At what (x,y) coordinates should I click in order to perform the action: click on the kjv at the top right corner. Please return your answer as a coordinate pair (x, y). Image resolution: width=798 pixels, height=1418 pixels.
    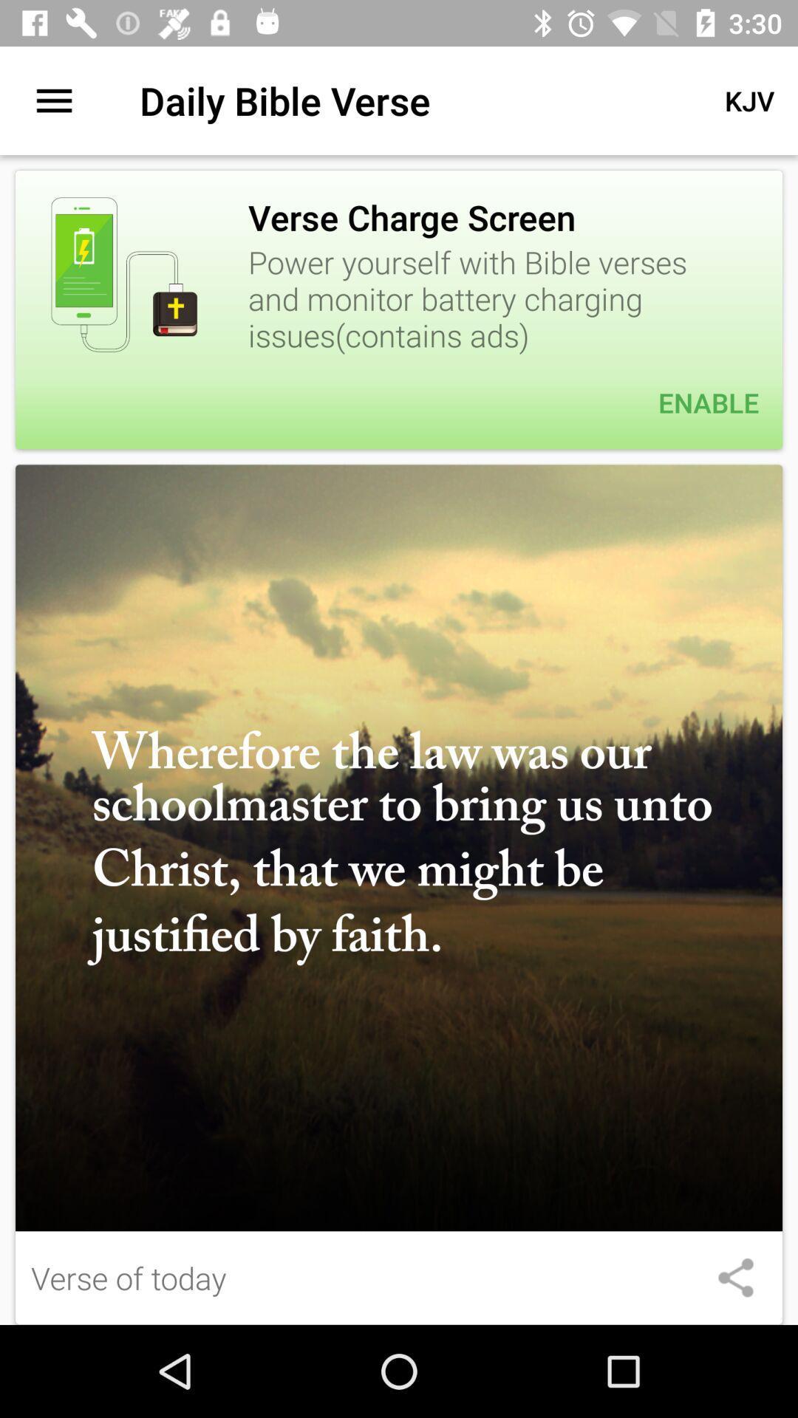
    Looking at the image, I should click on (749, 100).